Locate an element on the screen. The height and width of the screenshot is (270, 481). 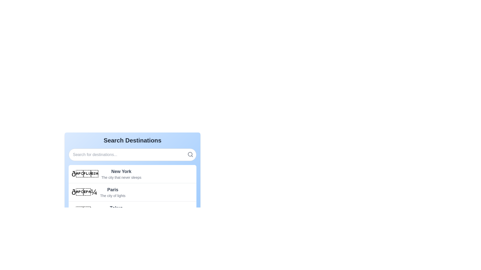
the subtitle 'The city of lights' in the text block below 'Paris' to get more details is located at coordinates (112, 192).